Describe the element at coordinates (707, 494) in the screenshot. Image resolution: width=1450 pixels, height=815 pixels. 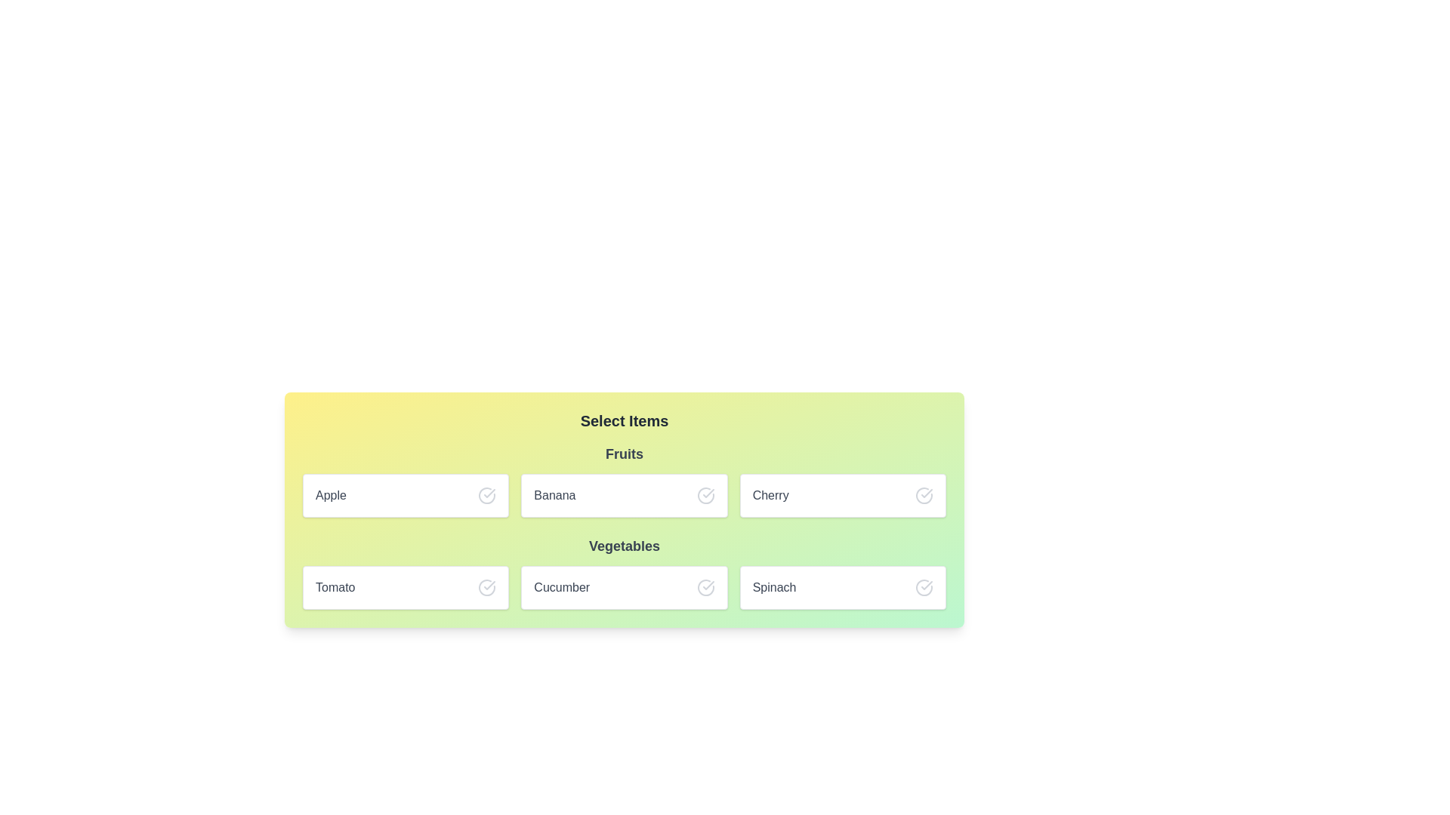
I see `checkmark icon within the circular outline located at the end of the Banana selection row in the Fruits section for developer tools` at that location.